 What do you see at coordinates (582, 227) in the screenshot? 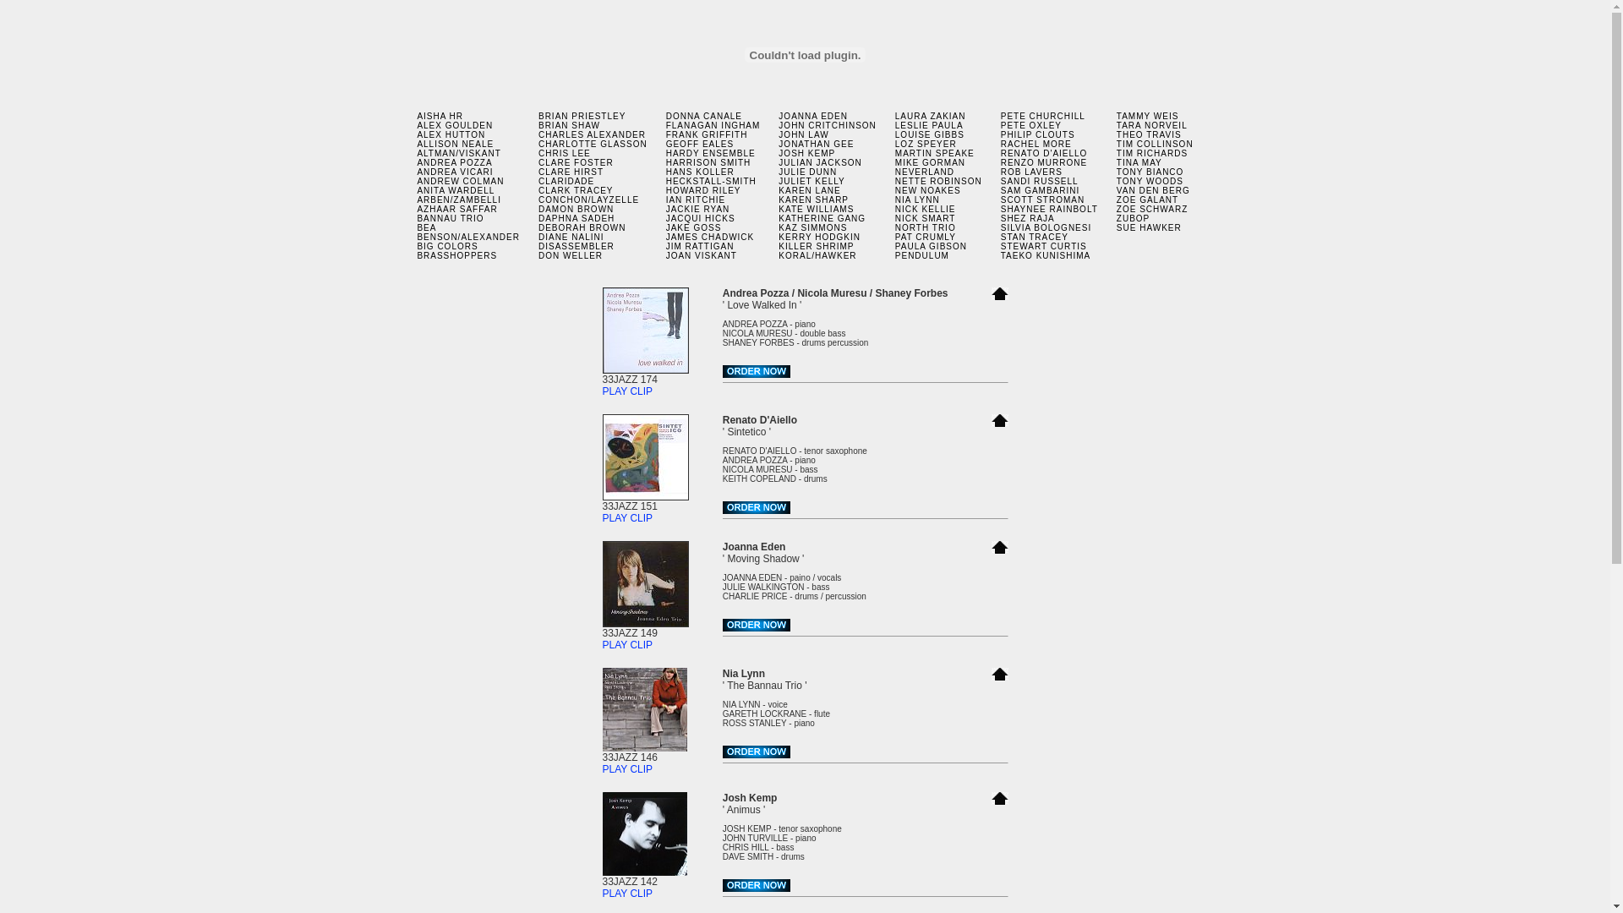
I see `'DEBORAH BROWN'` at bounding box center [582, 227].